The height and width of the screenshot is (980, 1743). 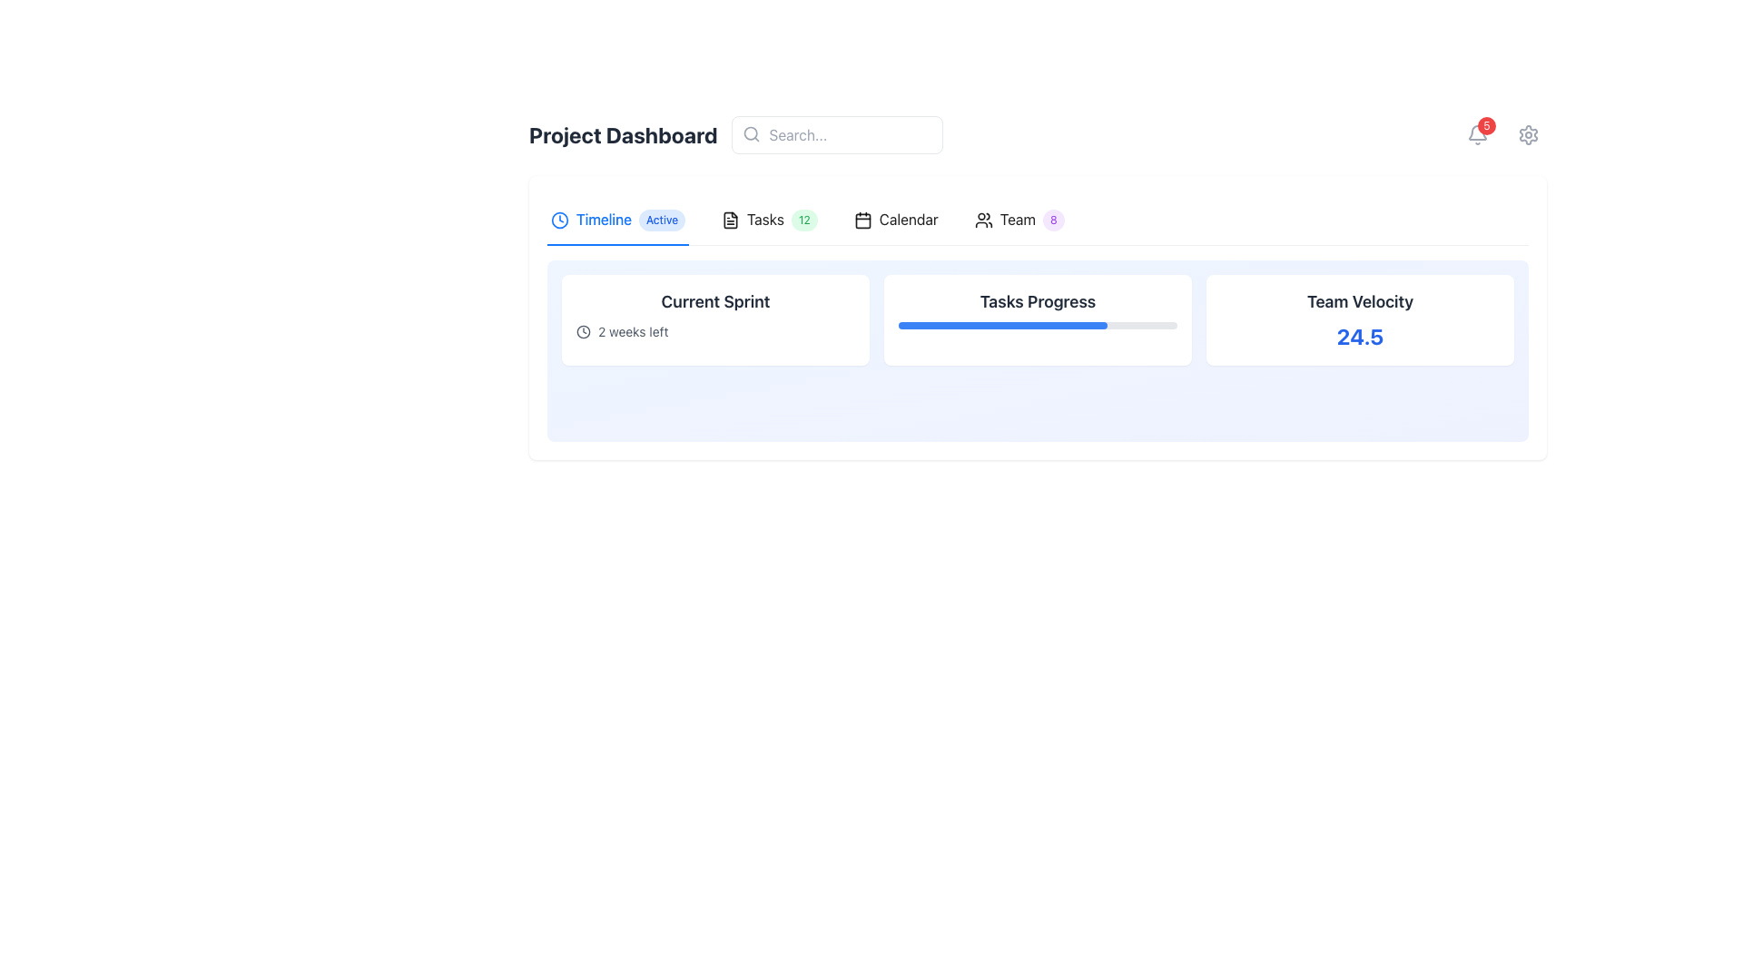 What do you see at coordinates (896, 219) in the screenshot?
I see `the 'Calendar' tab` at bounding box center [896, 219].